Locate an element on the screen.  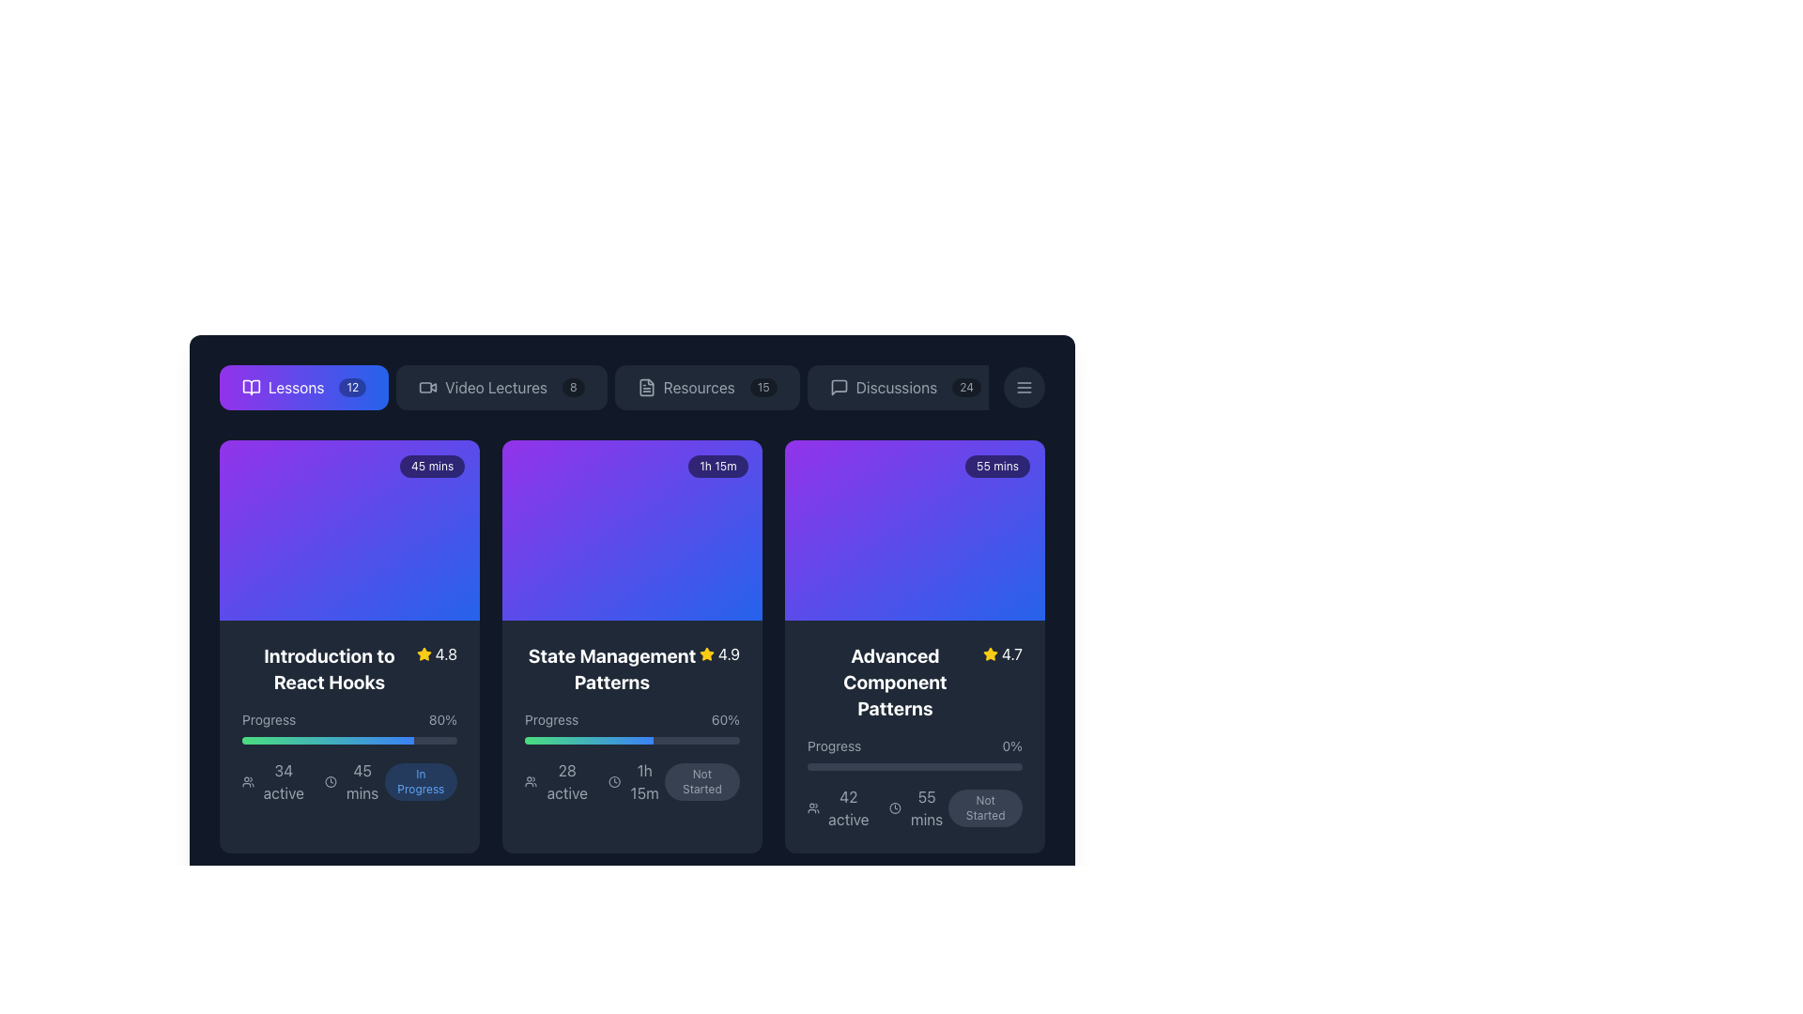
the progress details of the progress indicator element that shows completion percentages and user activity for the learning module titled 'State Management Patterns' is located at coordinates (632, 756).